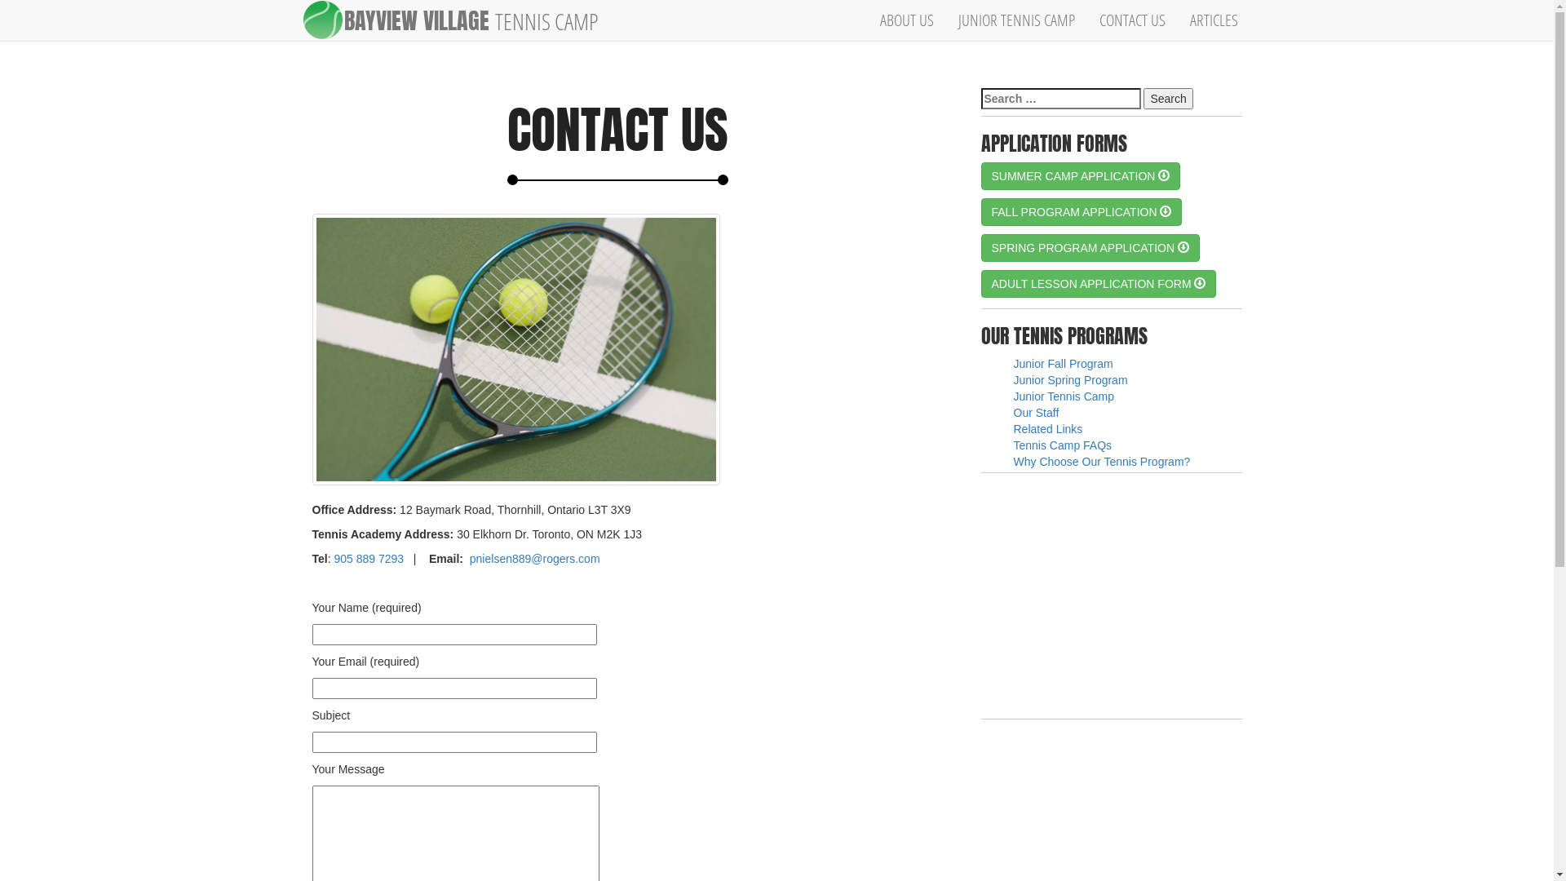 The height and width of the screenshot is (881, 1566). What do you see at coordinates (1069, 380) in the screenshot?
I see `'Junior Spring Program'` at bounding box center [1069, 380].